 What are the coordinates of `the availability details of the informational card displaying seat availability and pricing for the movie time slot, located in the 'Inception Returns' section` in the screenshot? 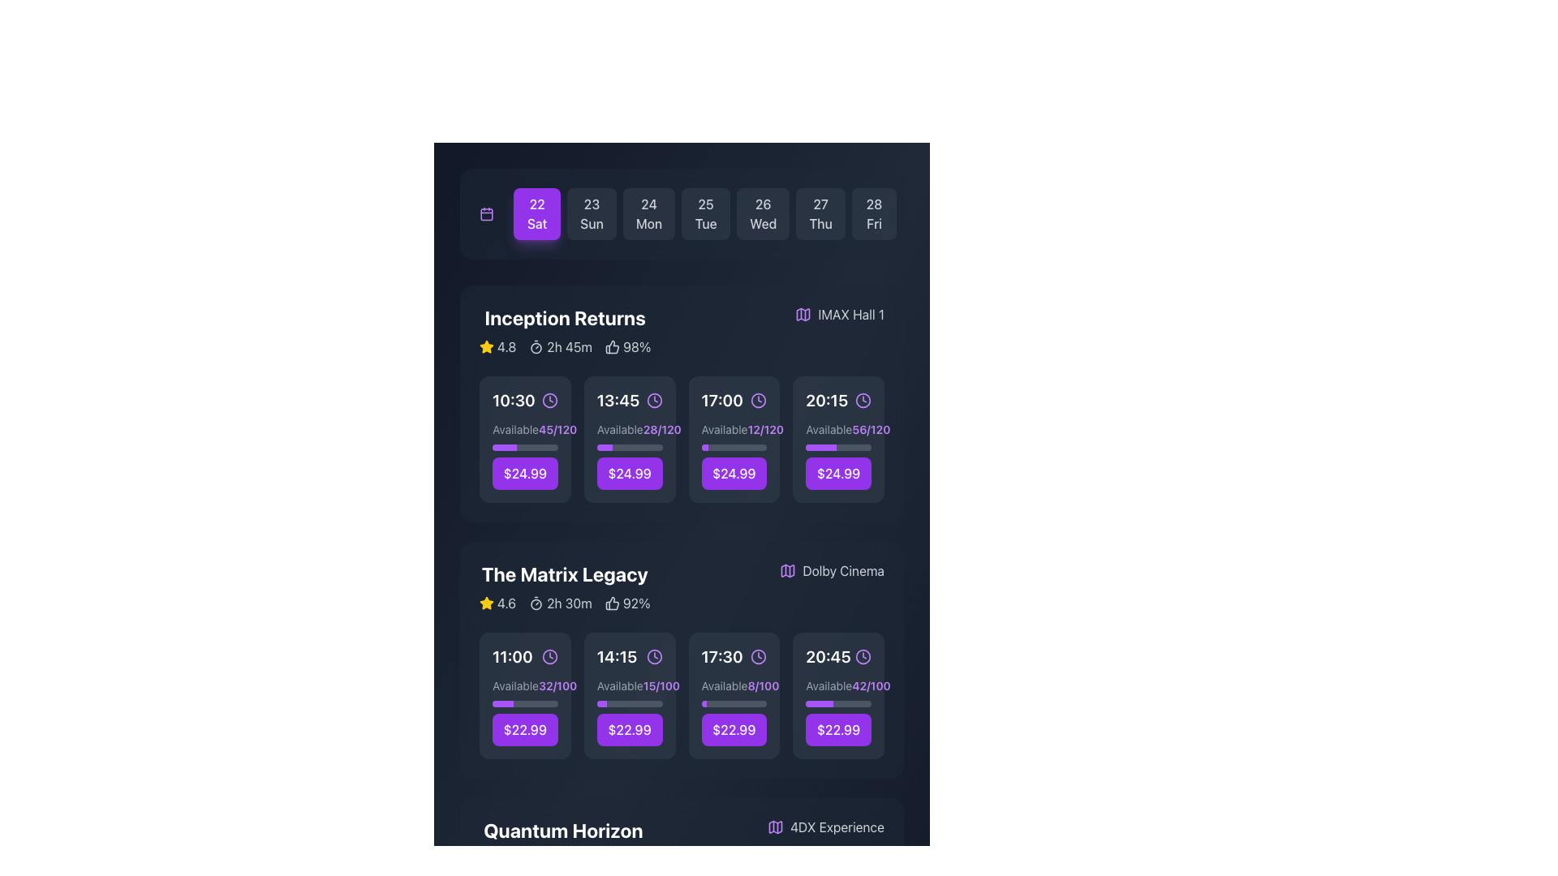 It's located at (629, 440).